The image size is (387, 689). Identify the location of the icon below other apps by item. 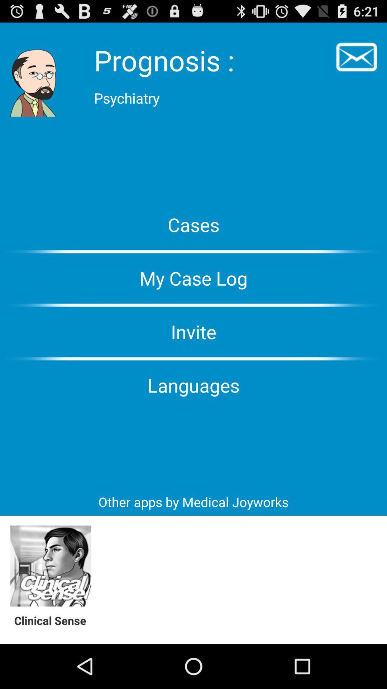
(50, 566).